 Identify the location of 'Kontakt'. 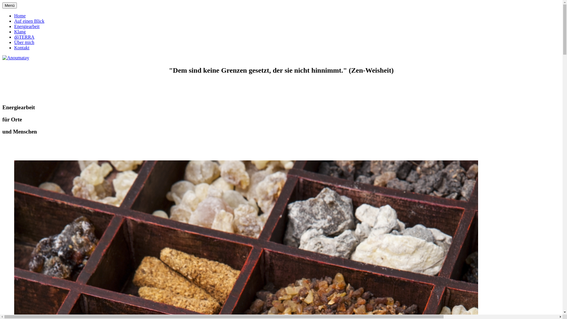
(22, 47).